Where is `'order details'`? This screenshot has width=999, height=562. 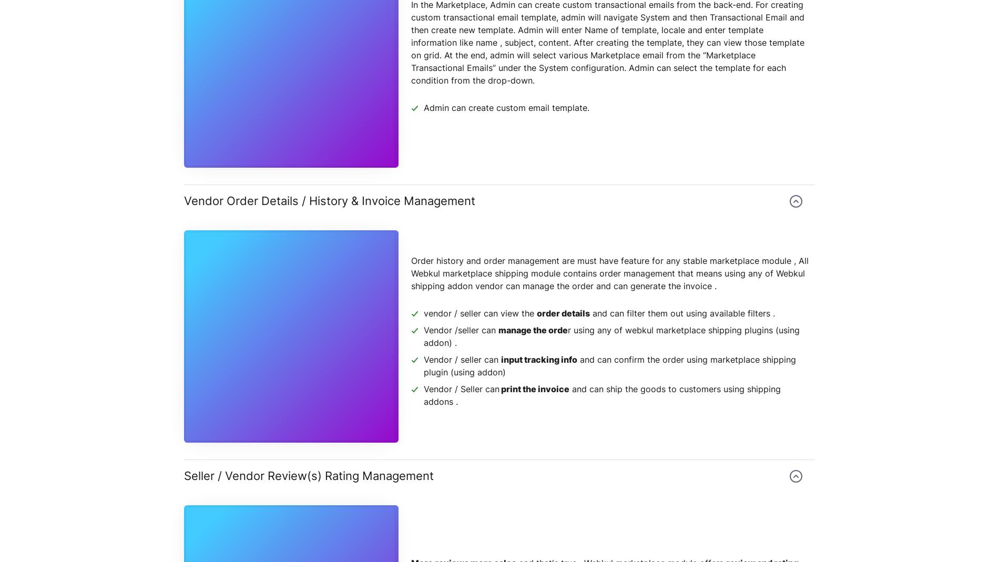 'order details' is located at coordinates (563, 313).